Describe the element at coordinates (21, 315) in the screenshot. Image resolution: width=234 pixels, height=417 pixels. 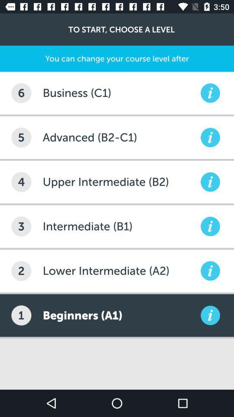
I see `the 1` at that location.